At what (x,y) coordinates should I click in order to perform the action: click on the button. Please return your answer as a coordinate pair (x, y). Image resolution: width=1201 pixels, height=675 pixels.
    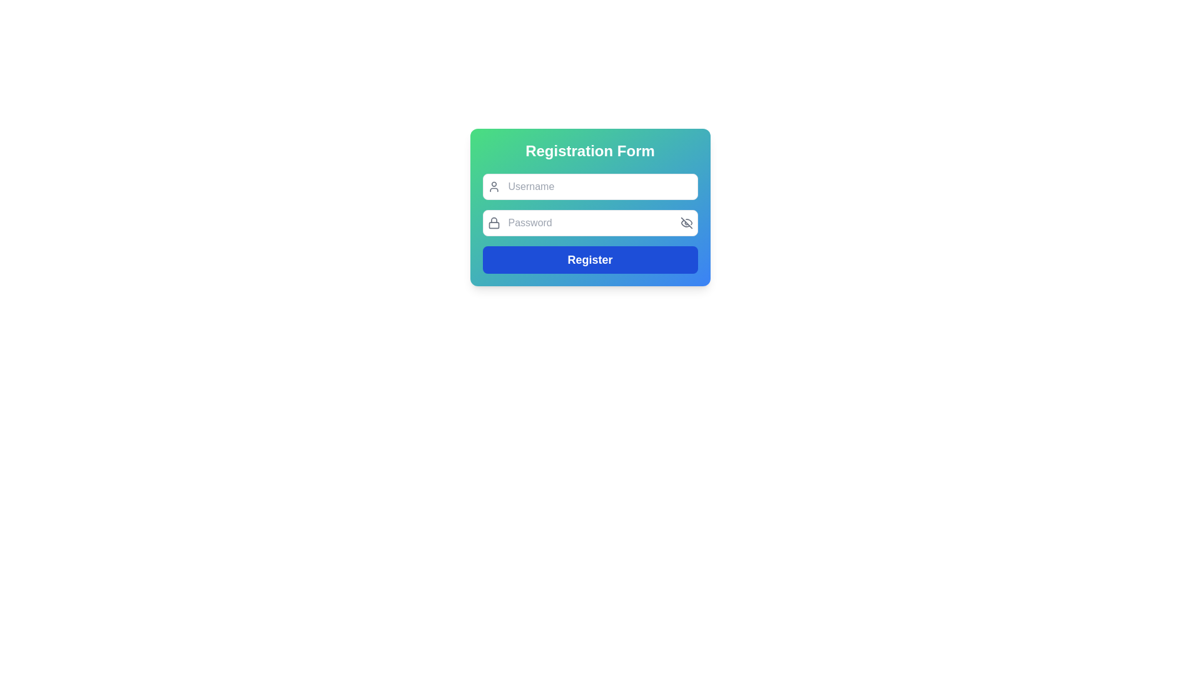
    Looking at the image, I should click on (686, 222).